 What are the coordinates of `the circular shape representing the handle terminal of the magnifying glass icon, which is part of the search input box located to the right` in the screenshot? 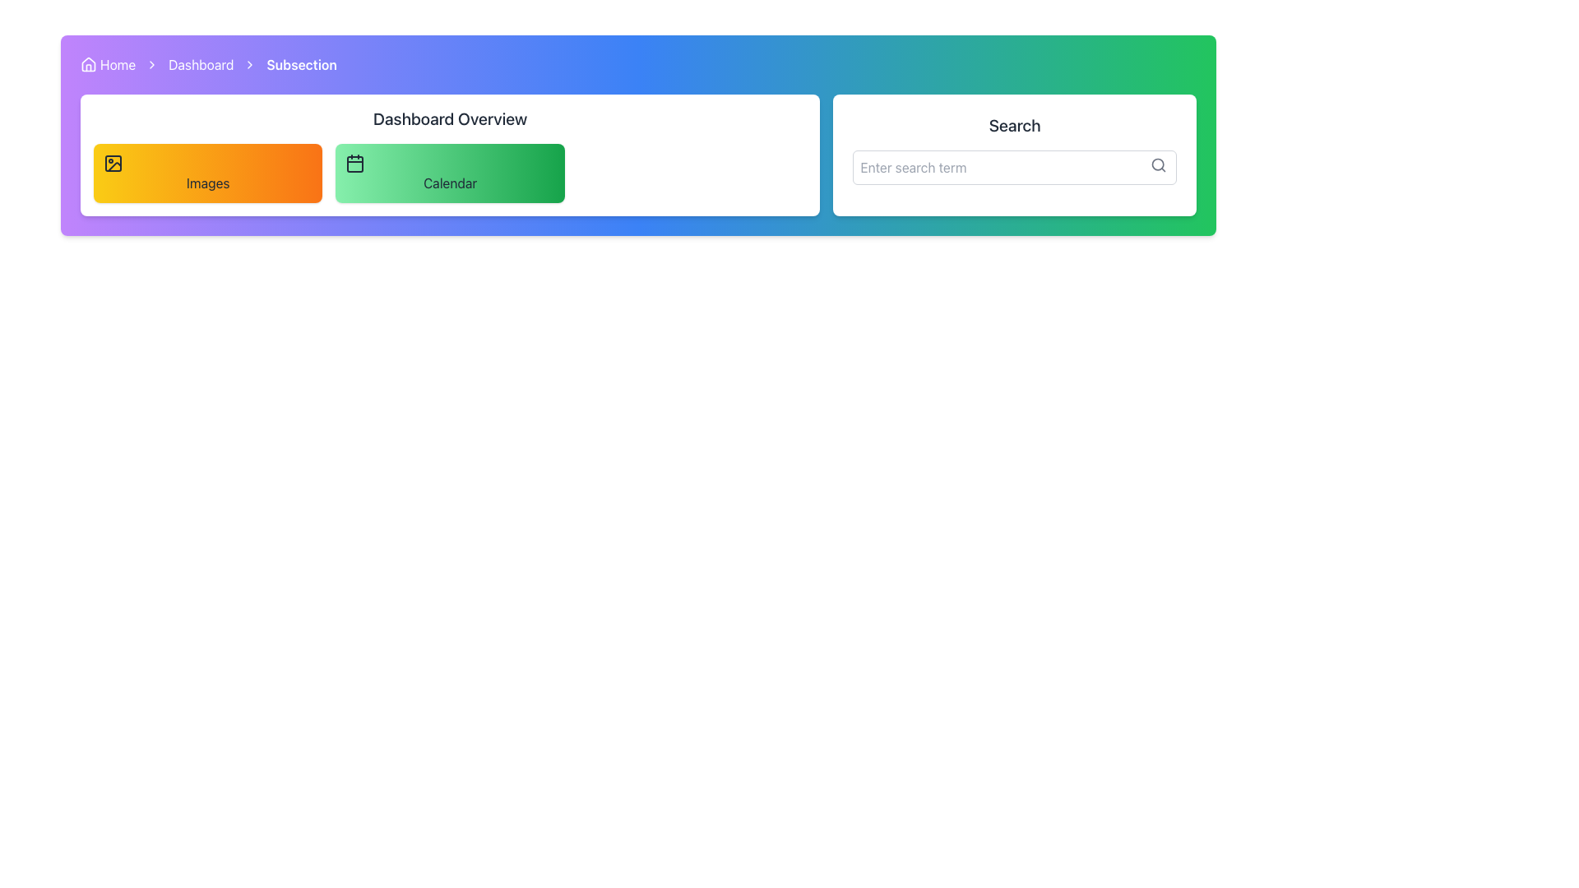 It's located at (1157, 164).